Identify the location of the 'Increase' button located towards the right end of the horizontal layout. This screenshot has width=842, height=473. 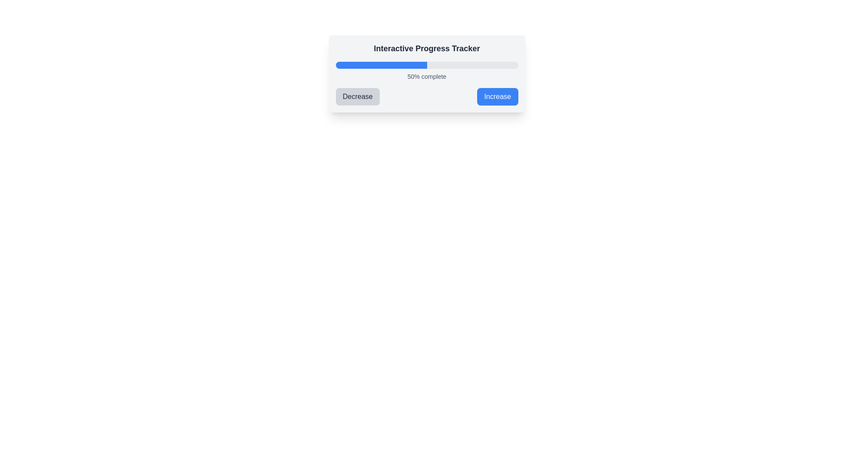
(497, 96).